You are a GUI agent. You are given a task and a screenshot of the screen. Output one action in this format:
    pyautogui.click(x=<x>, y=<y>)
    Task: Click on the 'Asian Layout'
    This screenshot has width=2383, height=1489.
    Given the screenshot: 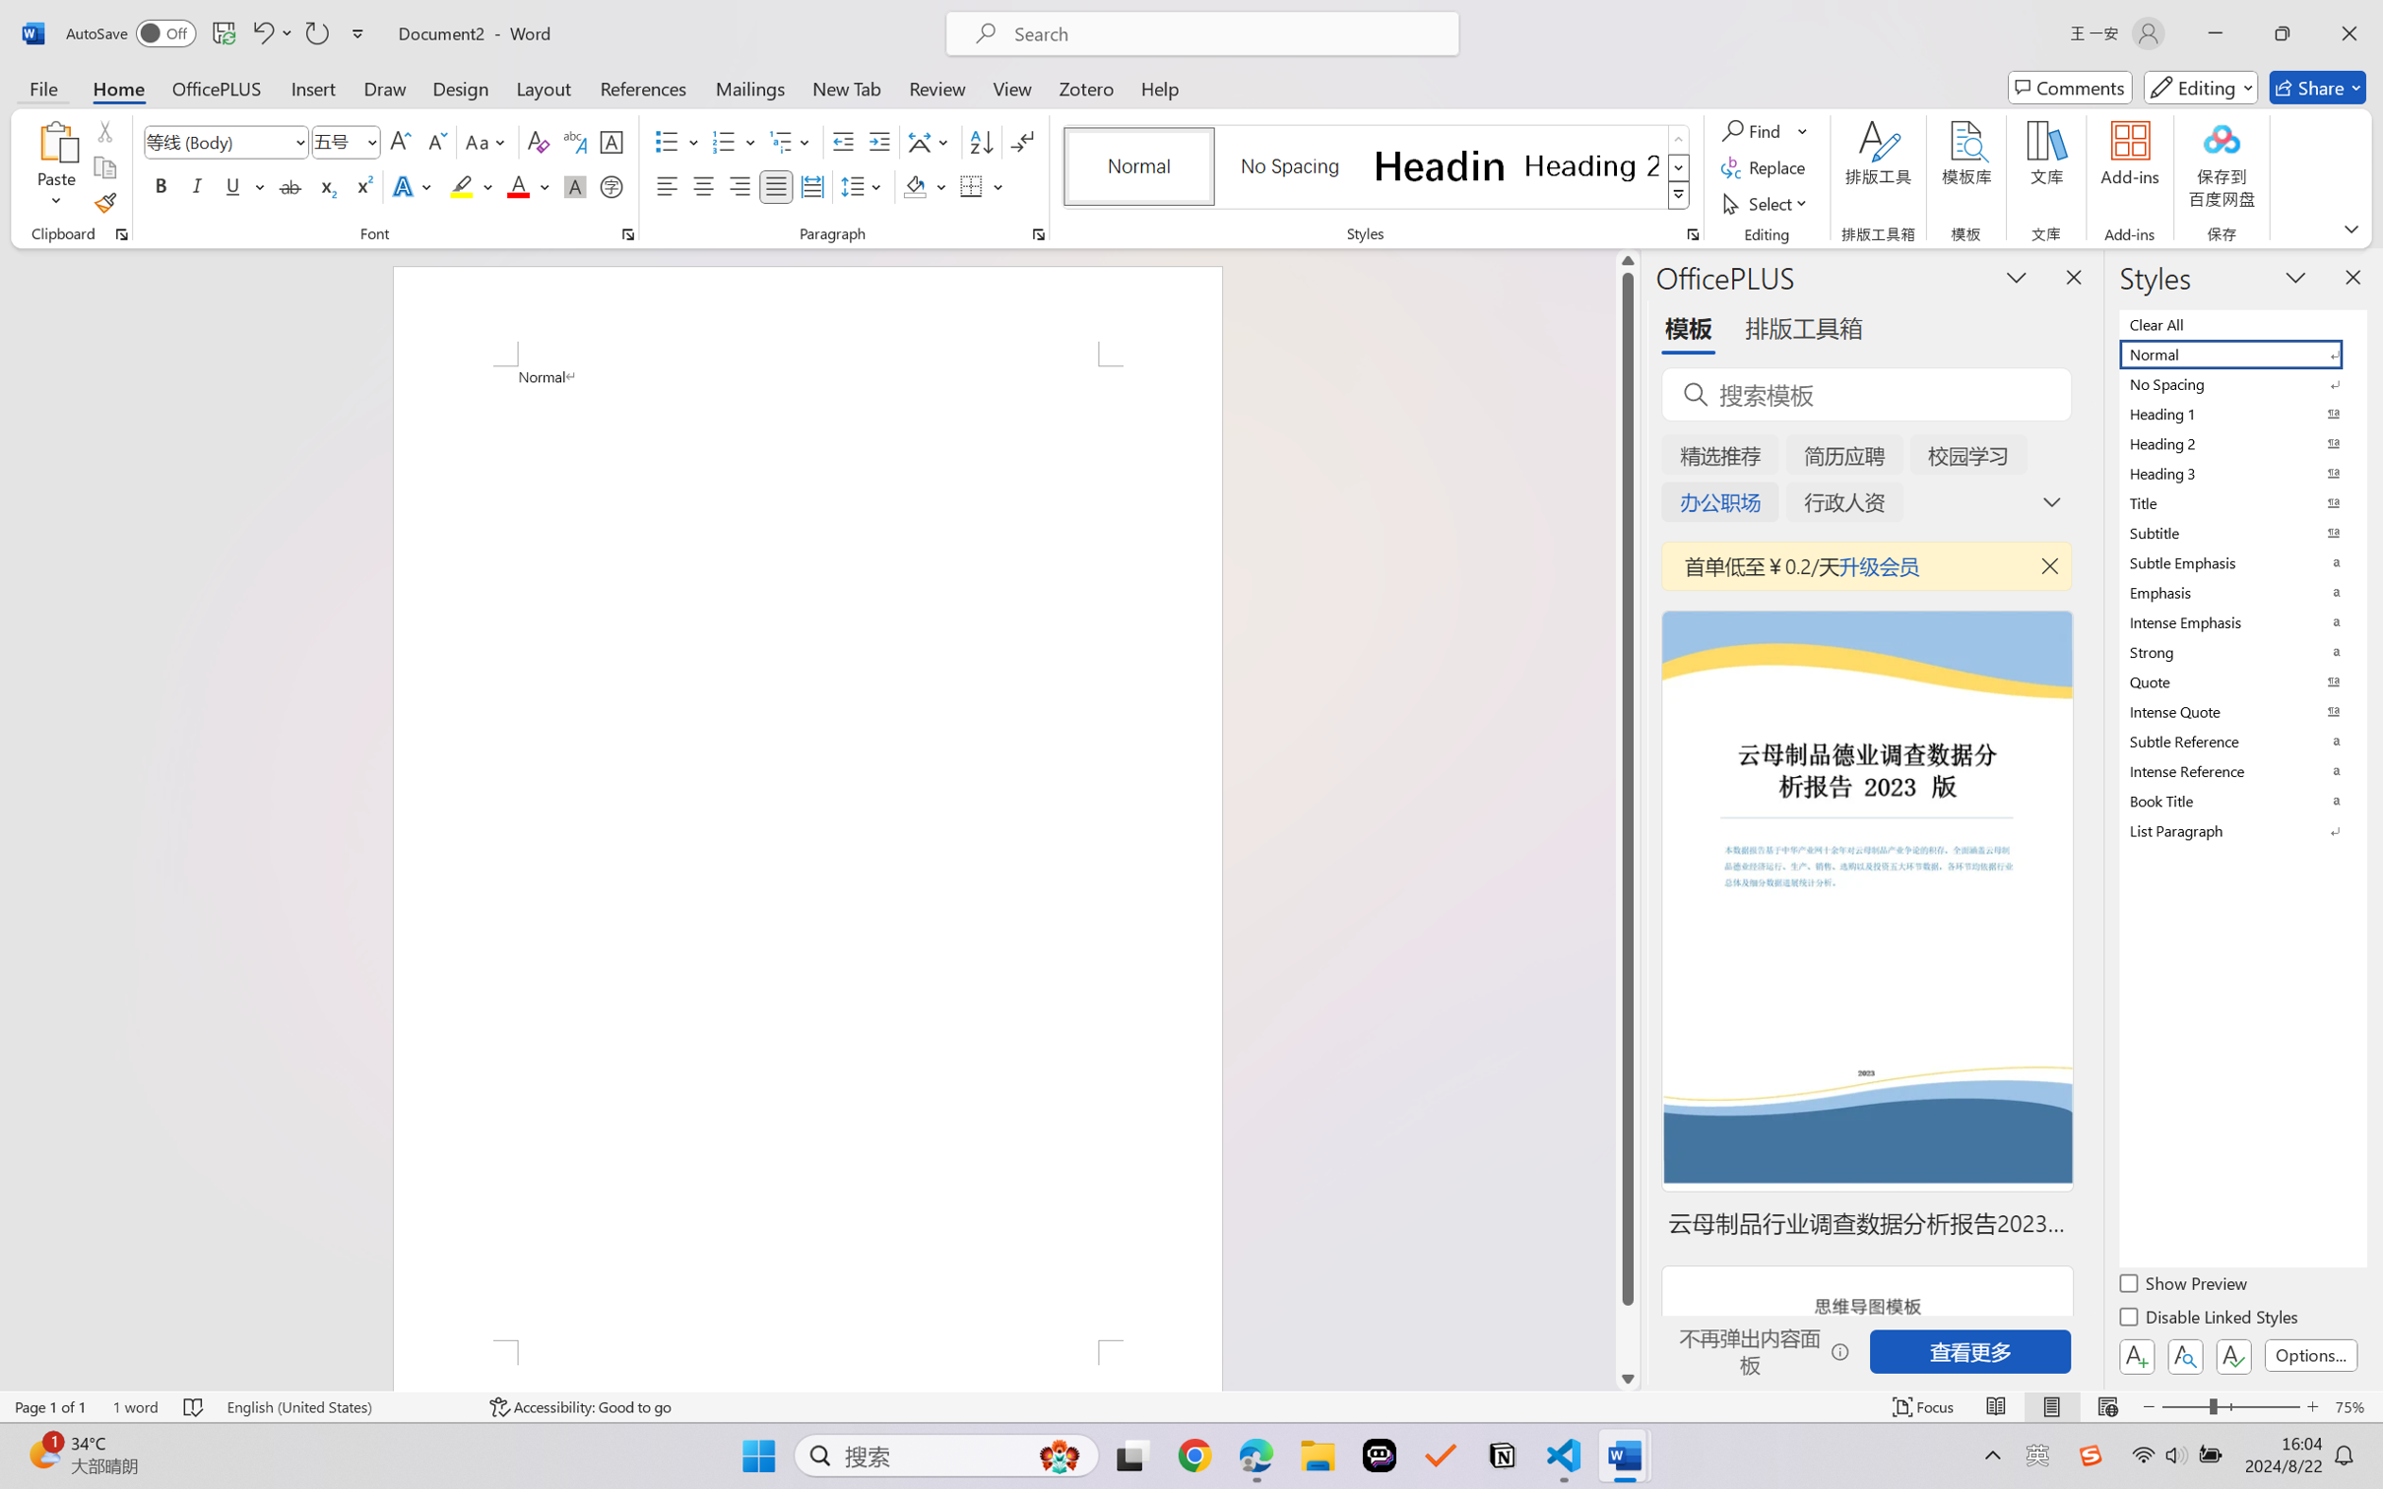 What is the action you would take?
    pyautogui.click(x=930, y=142)
    